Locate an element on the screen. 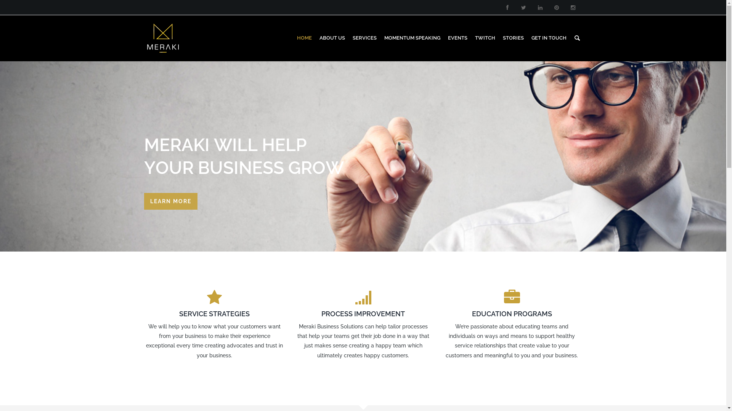  'twitter' is located at coordinates (523, 7).